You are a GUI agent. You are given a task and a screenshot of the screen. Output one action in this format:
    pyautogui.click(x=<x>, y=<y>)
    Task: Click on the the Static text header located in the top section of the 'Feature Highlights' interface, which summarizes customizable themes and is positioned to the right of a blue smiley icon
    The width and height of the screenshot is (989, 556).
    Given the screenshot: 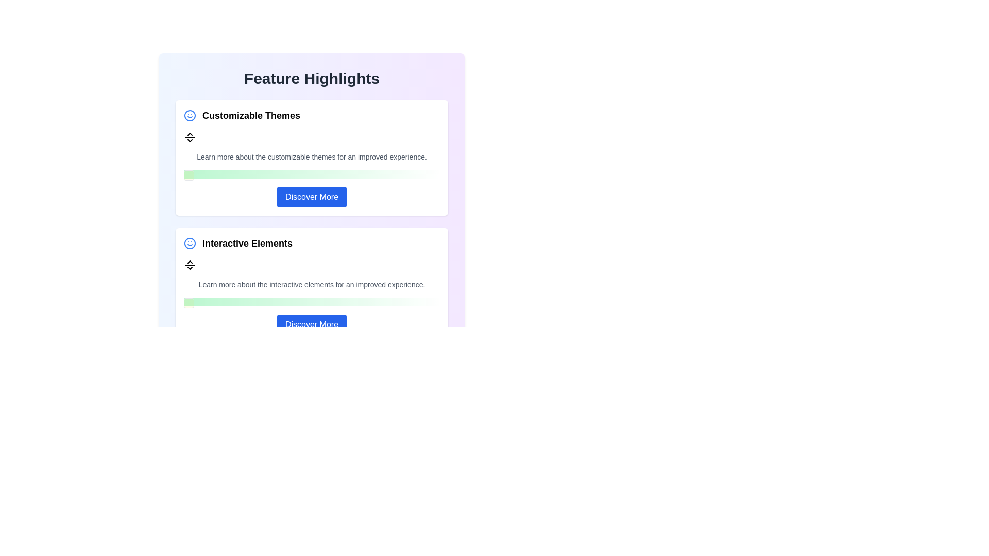 What is the action you would take?
    pyautogui.click(x=251, y=115)
    